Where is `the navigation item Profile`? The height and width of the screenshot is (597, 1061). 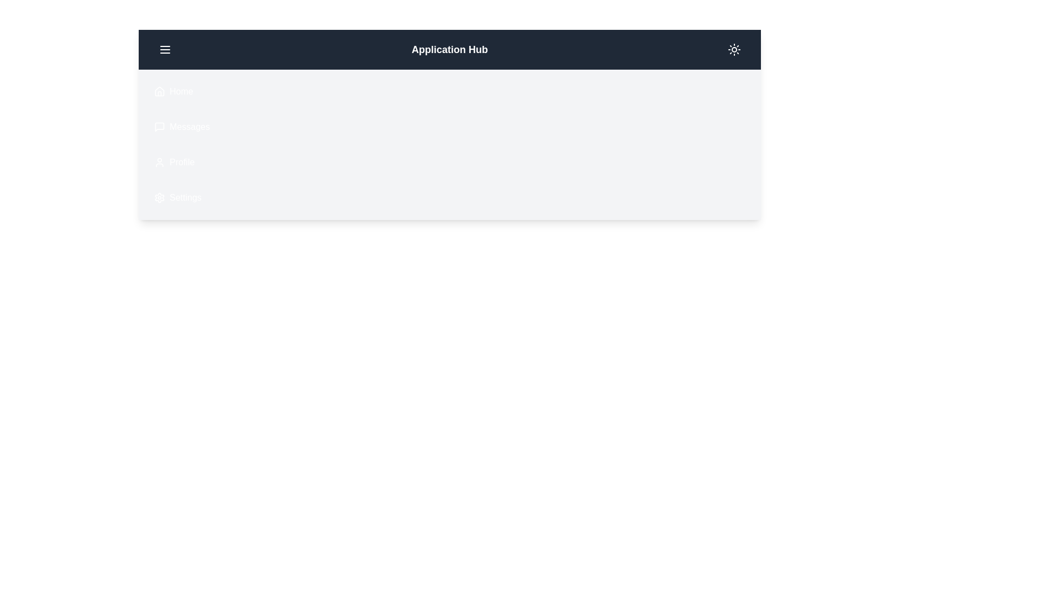
the navigation item Profile is located at coordinates (147, 162).